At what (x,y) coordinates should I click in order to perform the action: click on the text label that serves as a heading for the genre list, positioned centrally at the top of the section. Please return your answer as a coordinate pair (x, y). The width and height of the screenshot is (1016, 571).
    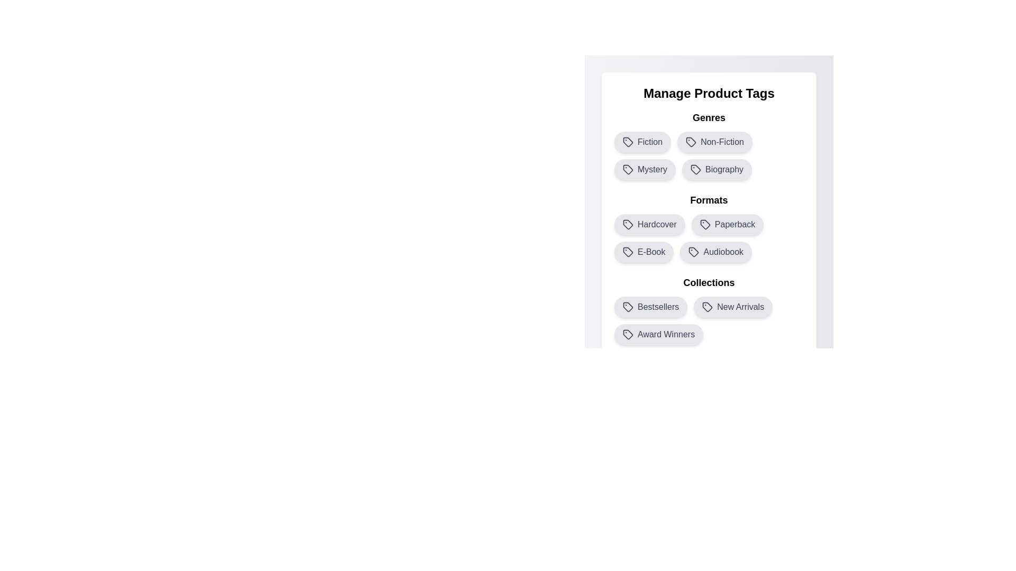
    Looking at the image, I should click on (709, 118).